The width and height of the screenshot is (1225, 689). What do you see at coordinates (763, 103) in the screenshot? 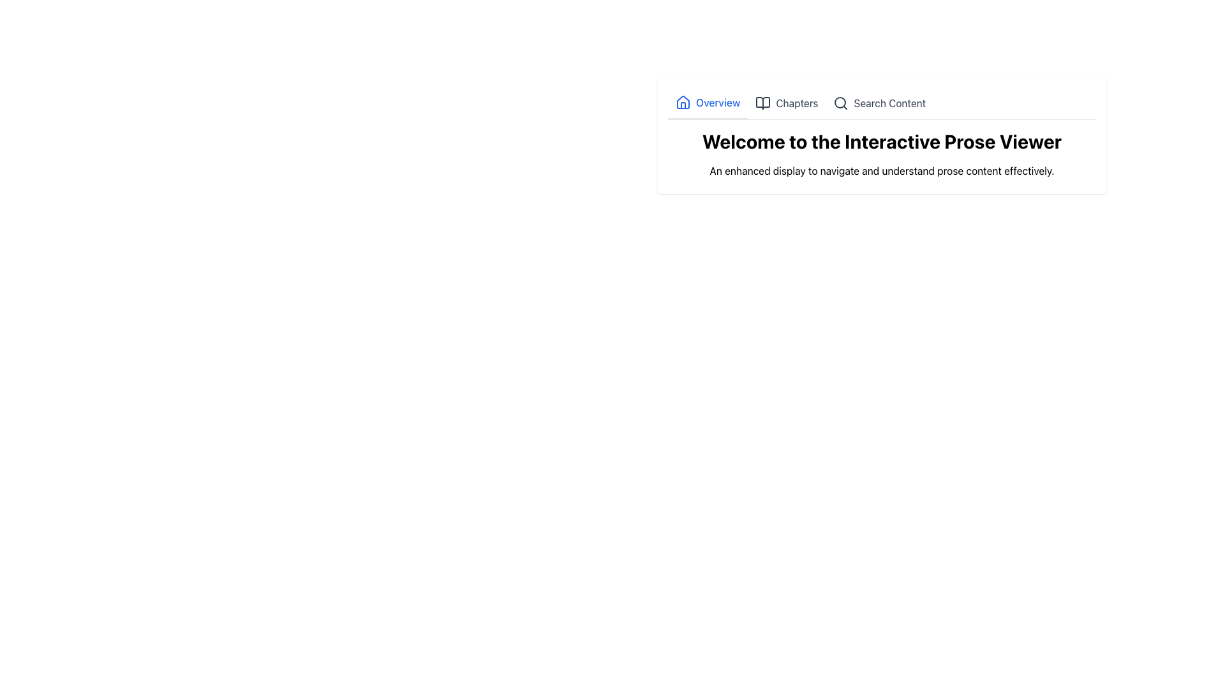
I see `the book icon located next to the 'Chapters' label in the top navigation bar` at bounding box center [763, 103].